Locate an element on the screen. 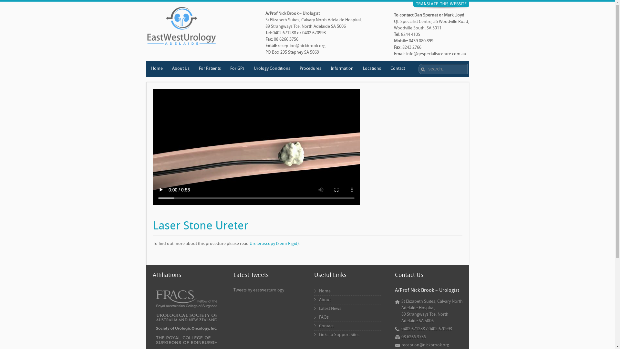  'info@qespecialistcentre.com.au' is located at coordinates (406, 53).